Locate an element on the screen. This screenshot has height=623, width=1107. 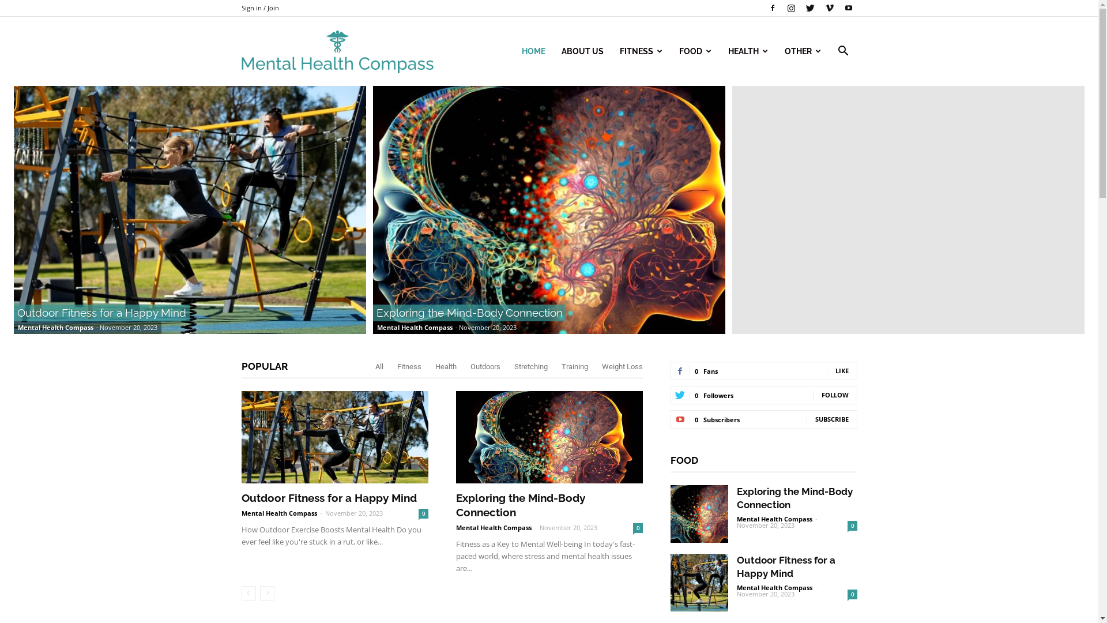
'Mental Health Compass Logo' is located at coordinates (336, 51).